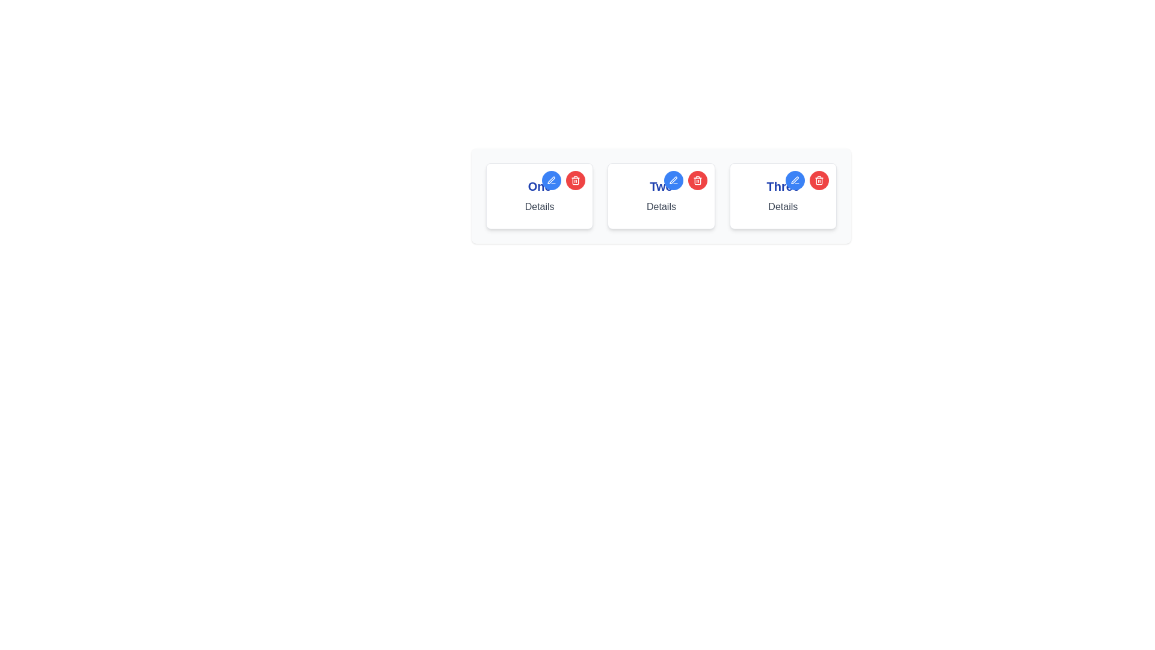 This screenshot has width=1155, height=650. What do you see at coordinates (551, 181) in the screenshot?
I see `the first blue circular edit button located in the top-right corner of the first card` at bounding box center [551, 181].